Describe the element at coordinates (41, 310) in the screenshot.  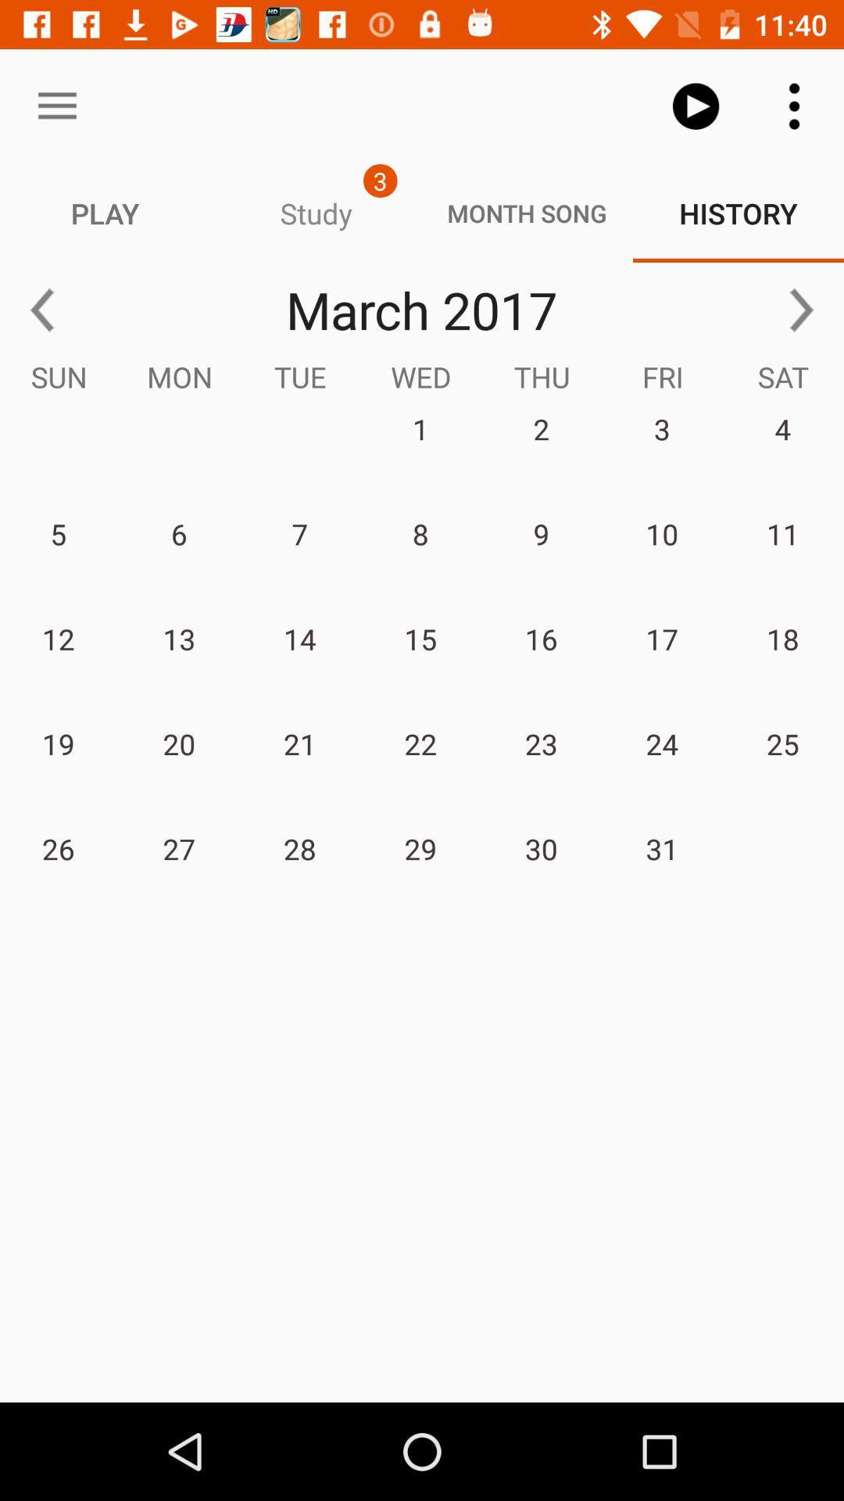
I see `scroll month left` at that location.